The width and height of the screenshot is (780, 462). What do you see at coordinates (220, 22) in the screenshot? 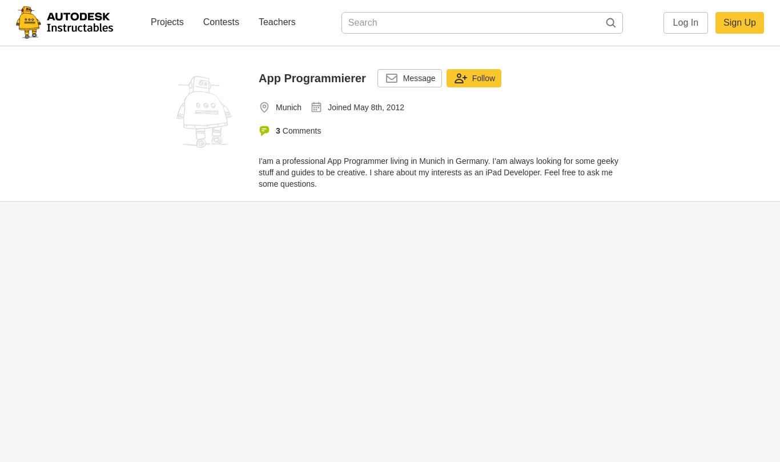
I see `'Contests'` at bounding box center [220, 22].